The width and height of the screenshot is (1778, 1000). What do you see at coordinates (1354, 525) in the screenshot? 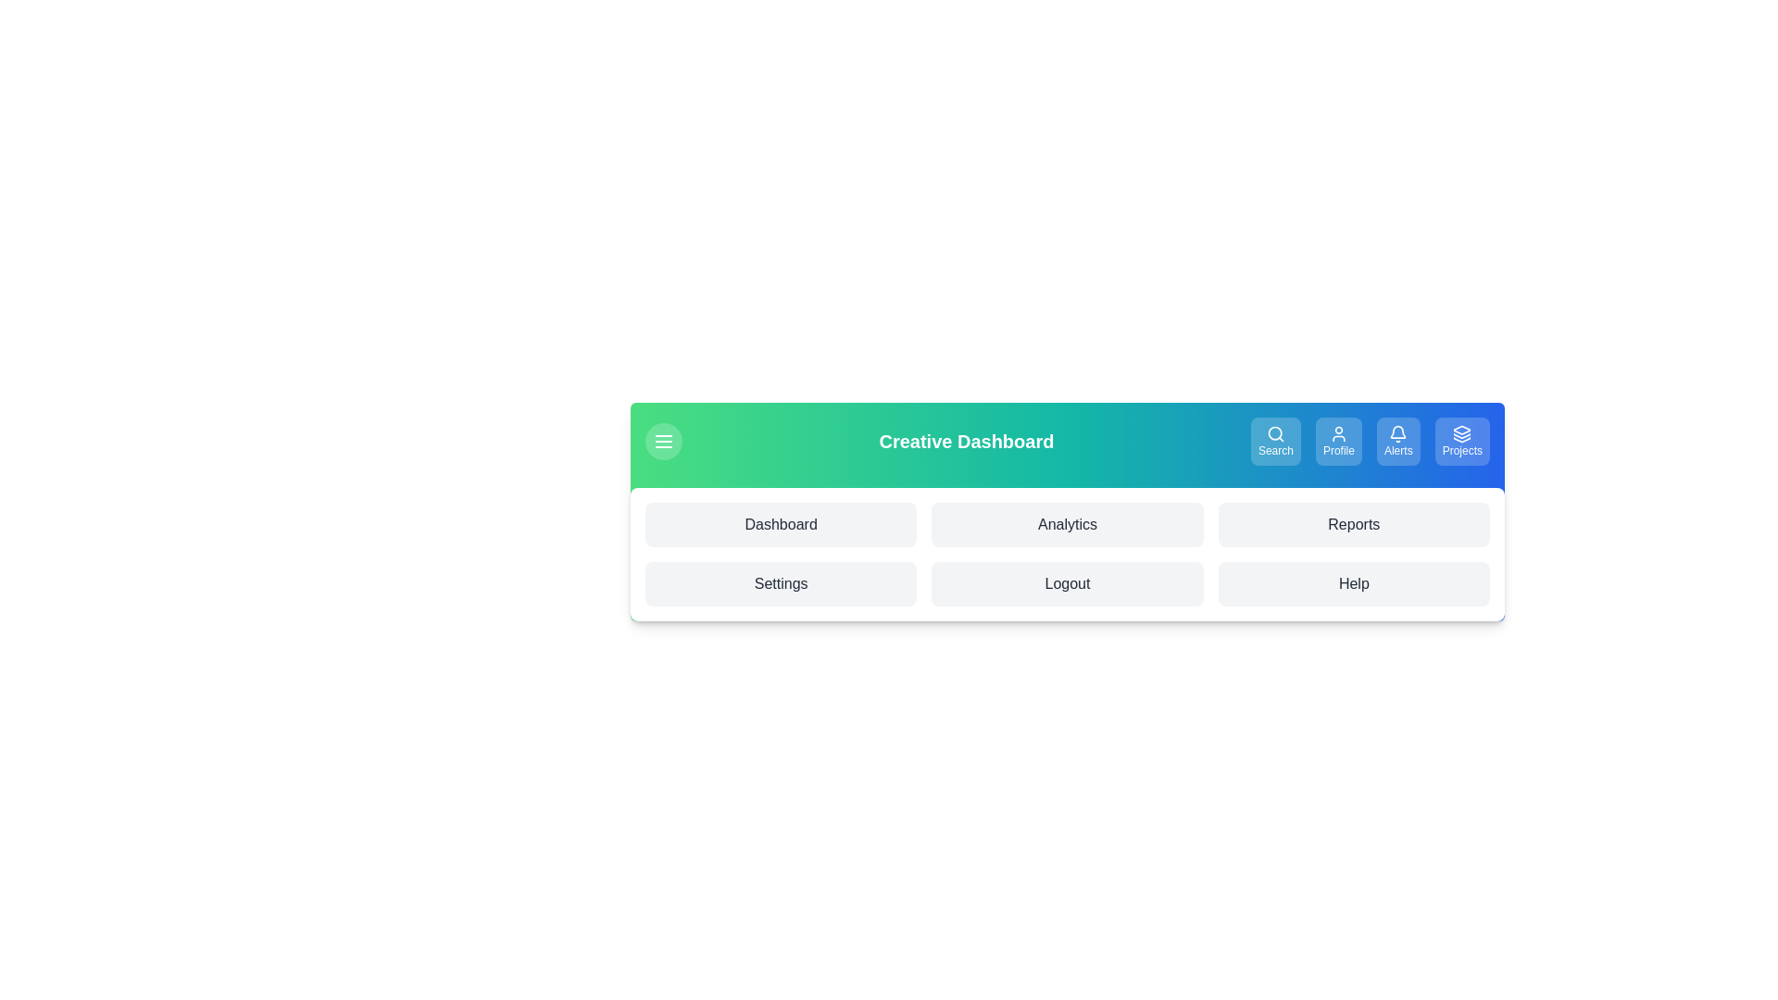
I see `the menu item labeled Reports` at bounding box center [1354, 525].